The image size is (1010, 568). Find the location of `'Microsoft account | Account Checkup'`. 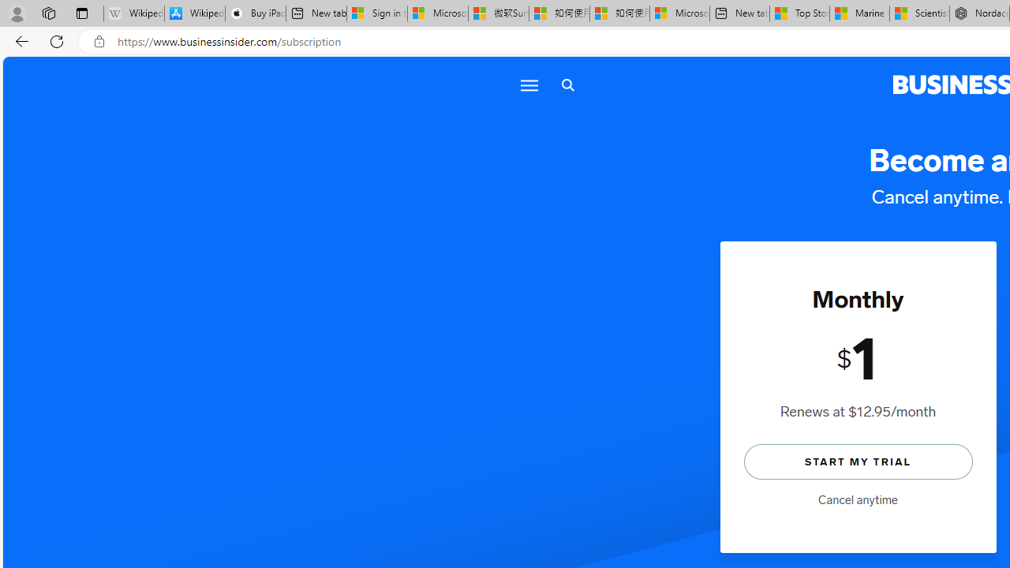

'Microsoft account | Account Checkup' is located at coordinates (679, 13).